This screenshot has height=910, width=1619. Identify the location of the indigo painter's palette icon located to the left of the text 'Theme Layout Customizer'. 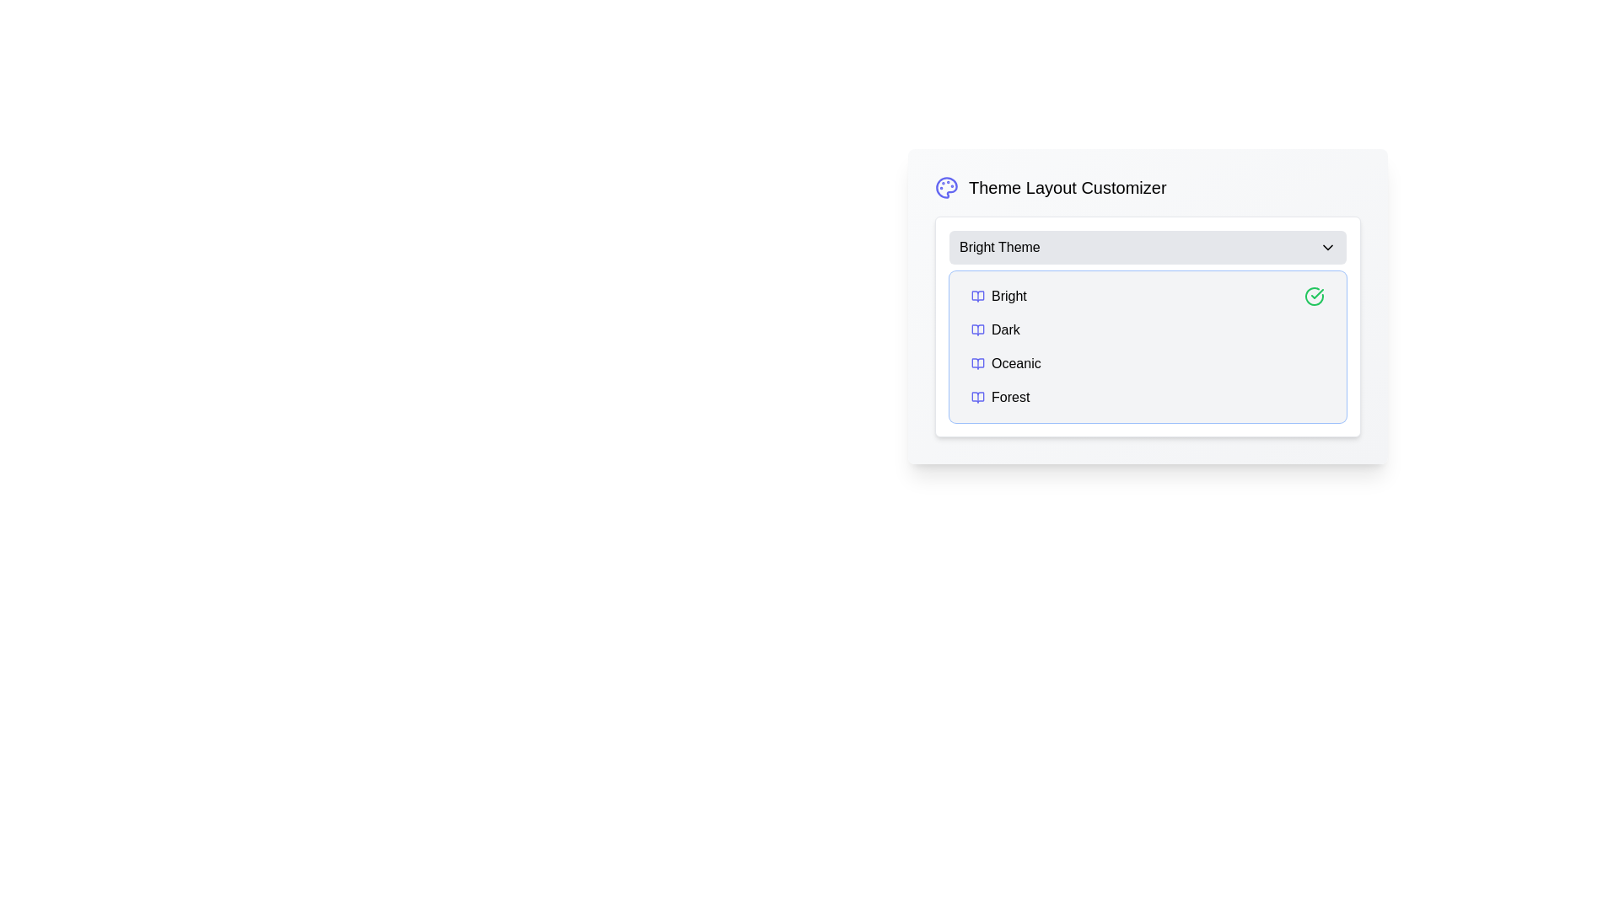
(947, 188).